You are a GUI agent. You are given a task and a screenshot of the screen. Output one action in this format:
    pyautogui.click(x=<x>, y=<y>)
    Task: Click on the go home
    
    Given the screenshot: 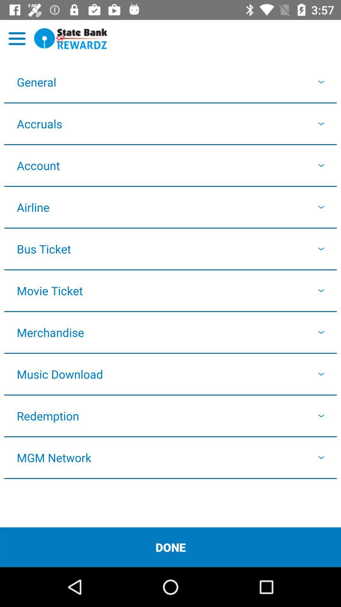 What is the action you would take?
    pyautogui.click(x=71, y=38)
    